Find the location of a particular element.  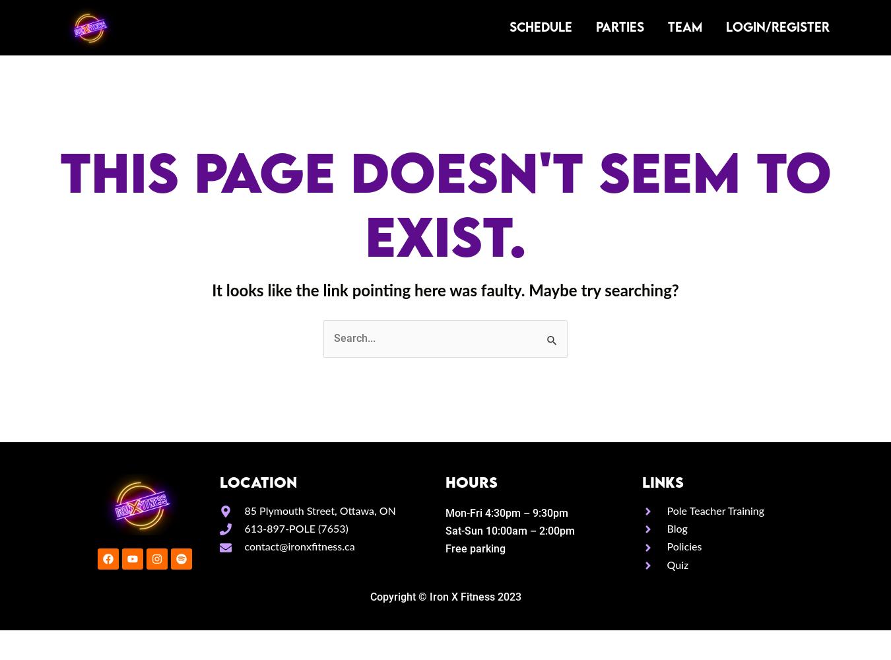

'This page doesn't seem to exist.' is located at coordinates (445, 203).